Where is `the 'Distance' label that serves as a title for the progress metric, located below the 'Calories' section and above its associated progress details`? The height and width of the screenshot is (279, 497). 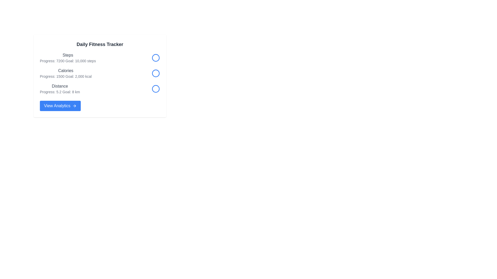
the 'Distance' label that serves as a title for the progress metric, located below the 'Calories' section and above its associated progress details is located at coordinates (60, 86).